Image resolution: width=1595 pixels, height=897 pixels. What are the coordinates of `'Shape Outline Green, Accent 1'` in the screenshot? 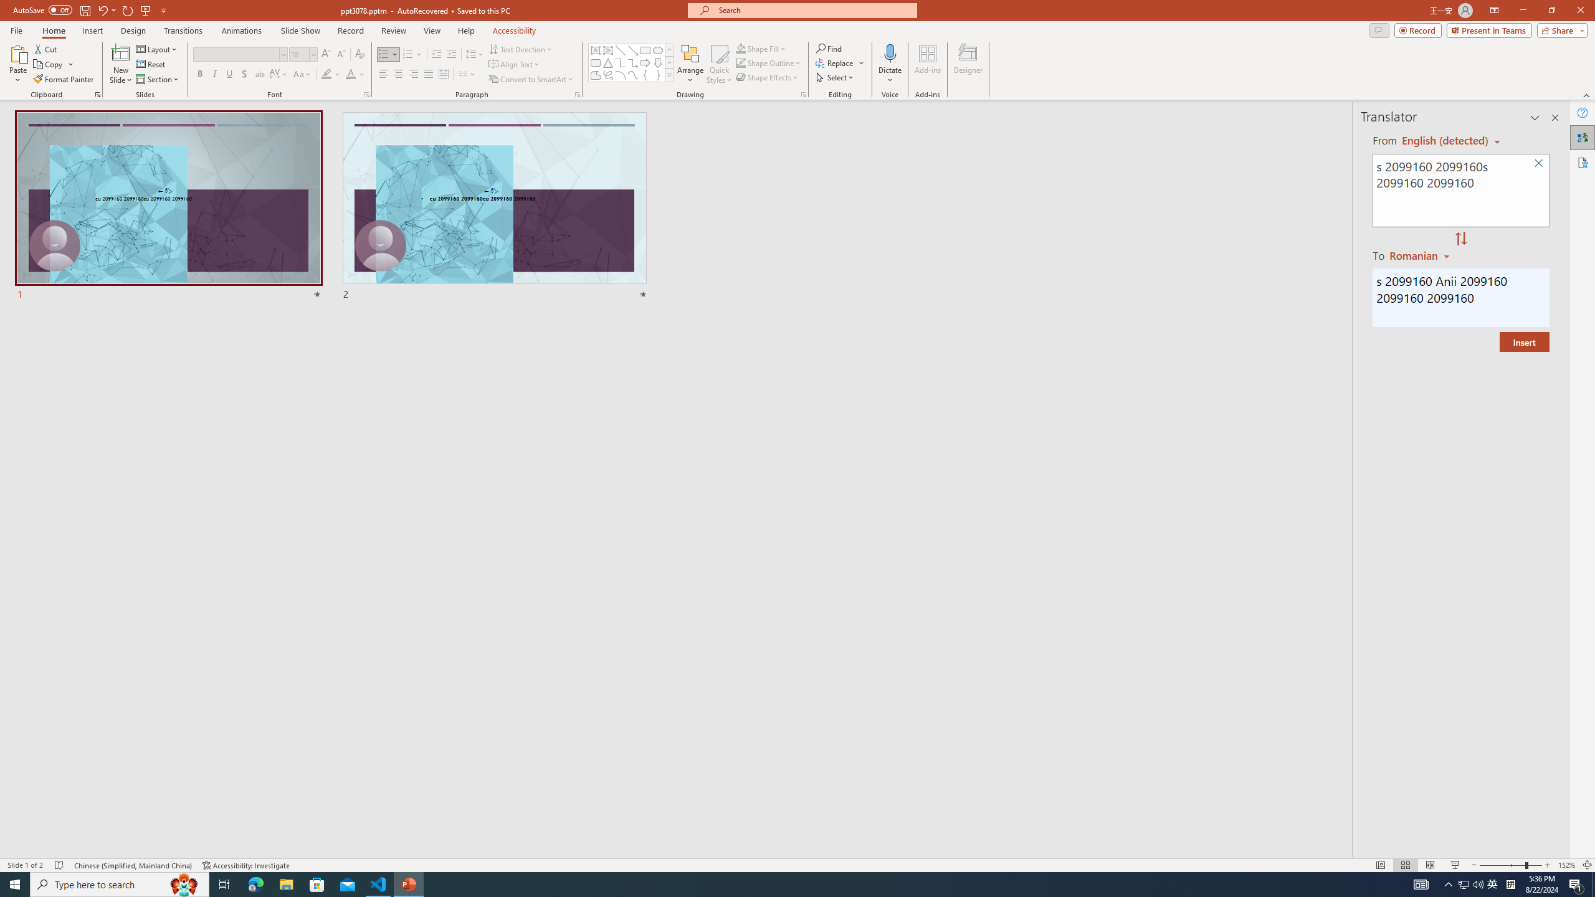 It's located at (741, 62).